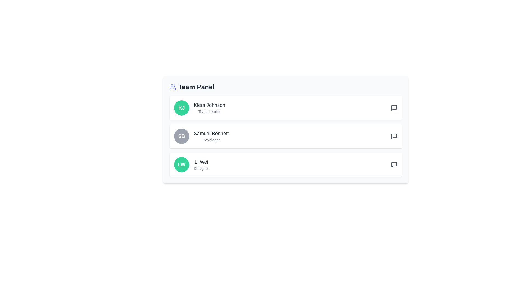 Image resolution: width=526 pixels, height=295 pixels. I want to click on the Avatar Component, which is a circular area with a green background and the white uppercase letters 'KJ' centered within it, located on the left side of the UI, so click(181, 108).